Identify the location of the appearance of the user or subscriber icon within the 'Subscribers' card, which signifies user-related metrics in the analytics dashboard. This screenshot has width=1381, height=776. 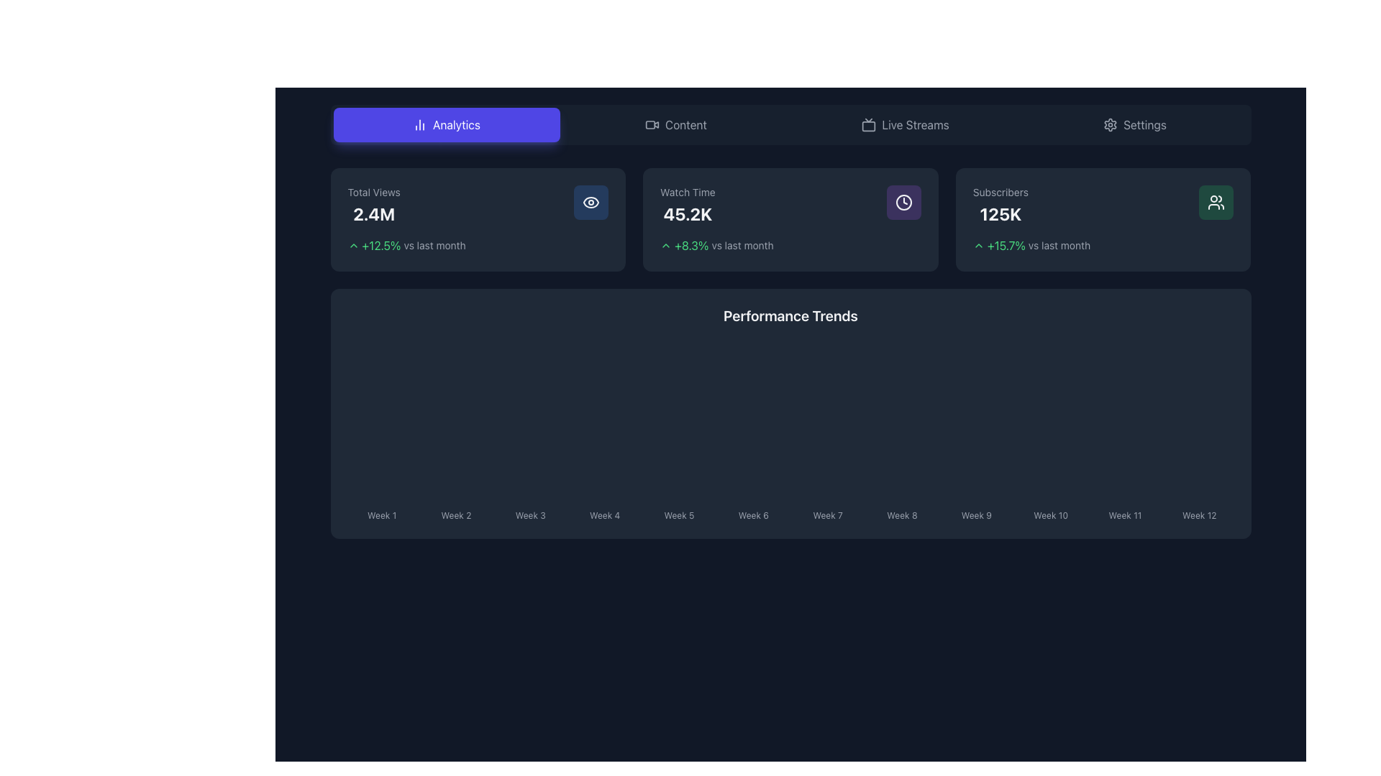
(1216, 202).